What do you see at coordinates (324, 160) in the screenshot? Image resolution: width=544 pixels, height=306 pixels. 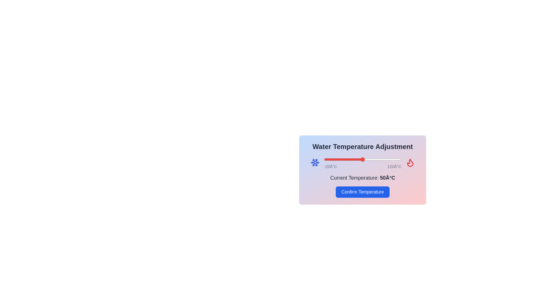 I see `the temperature slider to -19°C` at bounding box center [324, 160].